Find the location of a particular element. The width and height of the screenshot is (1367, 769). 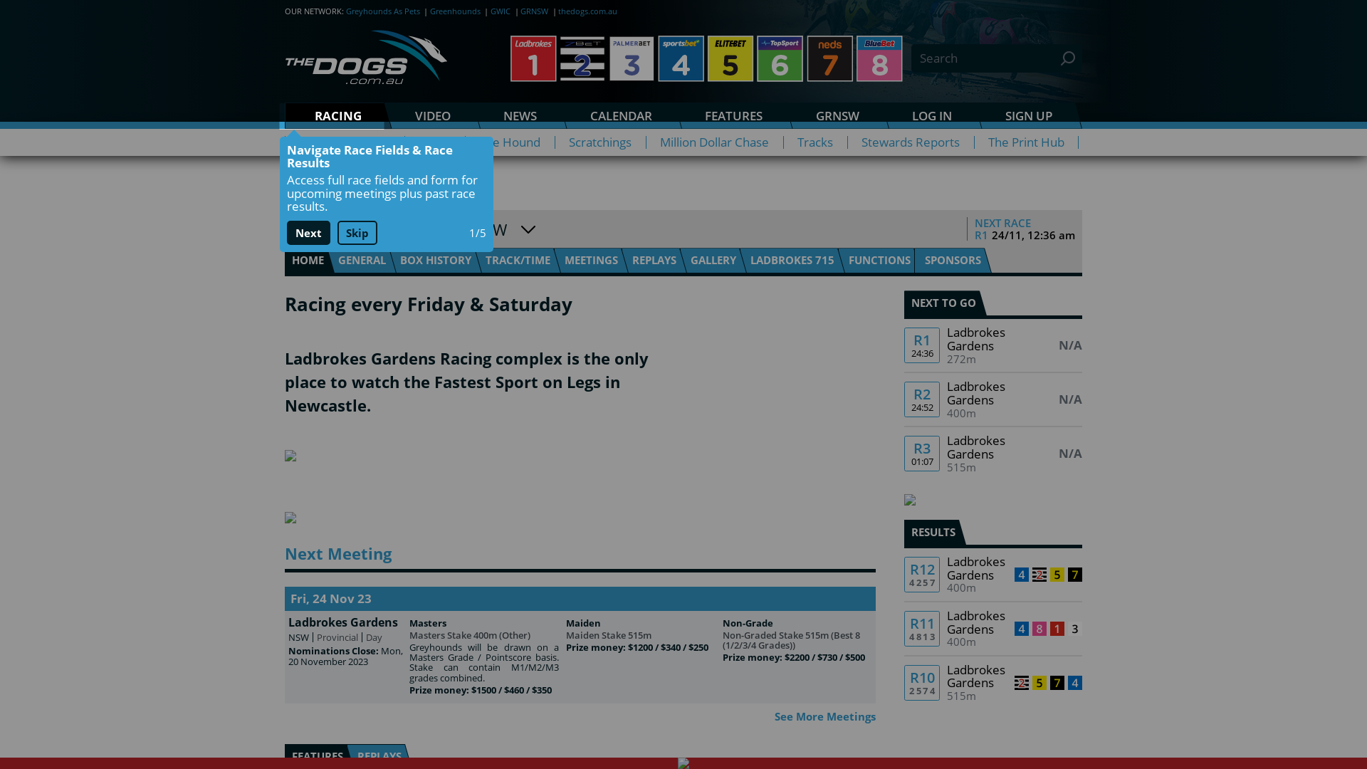

'R1 is located at coordinates (992, 345).